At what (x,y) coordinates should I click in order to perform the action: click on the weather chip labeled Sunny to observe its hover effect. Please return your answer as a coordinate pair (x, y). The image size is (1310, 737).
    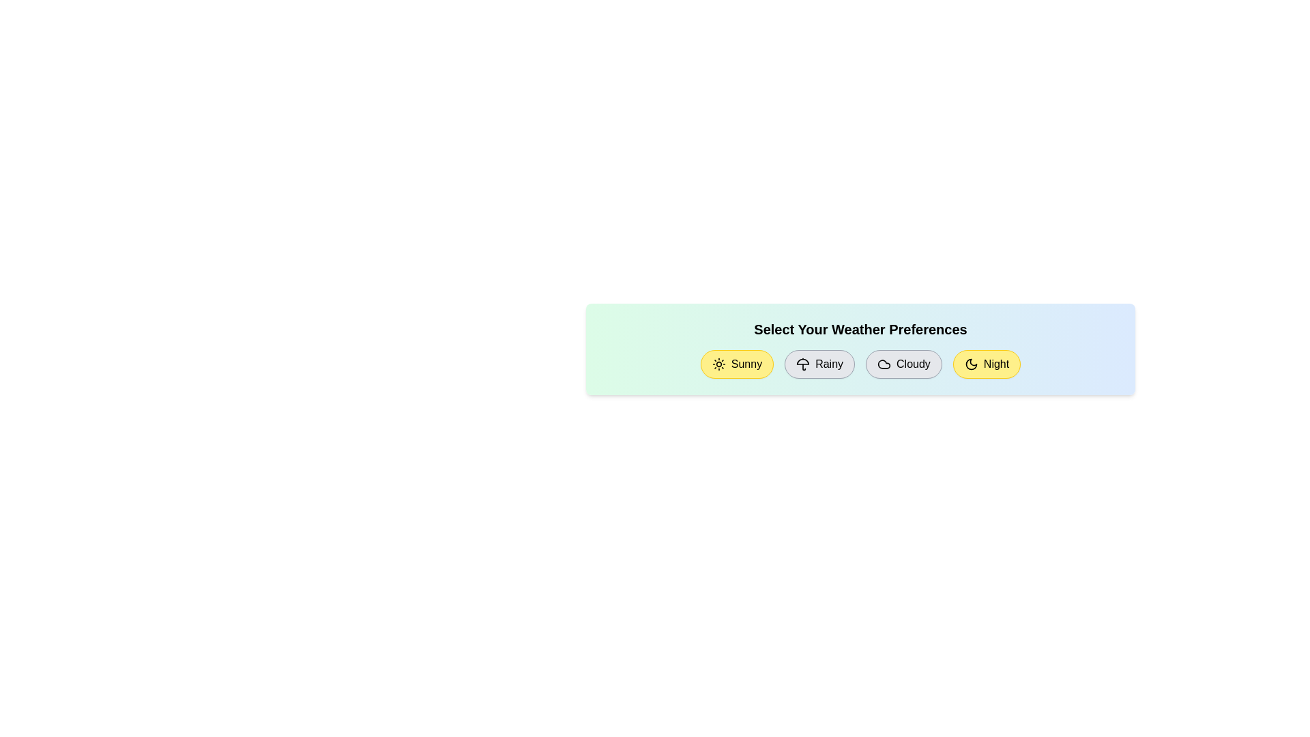
    Looking at the image, I should click on (736, 363).